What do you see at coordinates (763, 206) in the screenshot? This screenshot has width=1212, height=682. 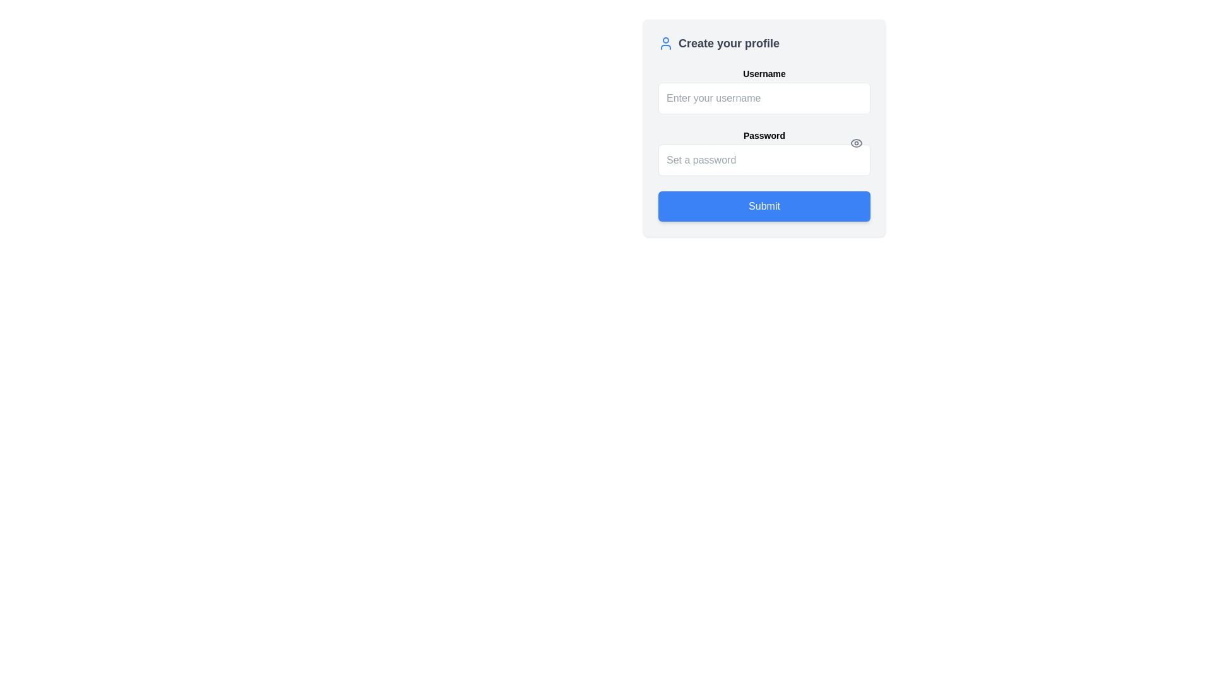 I see `the 'Submit' button, which is a rectangular button with a blue background and white text` at bounding box center [763, 206].